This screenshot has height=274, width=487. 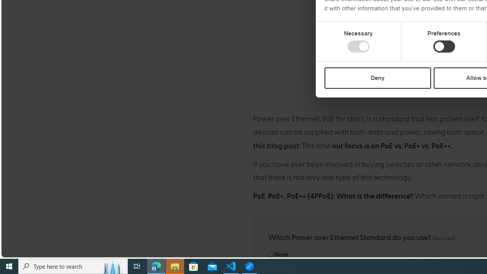 I want to click on 'None', so click(x=271, y=255).